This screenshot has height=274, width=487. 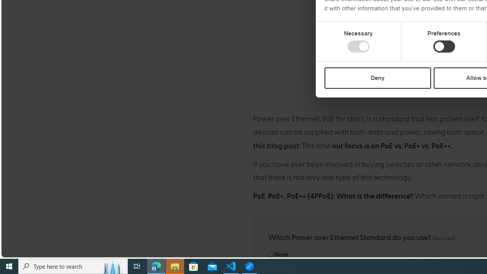 I want to click on 'None', so click(x=271, y=255).